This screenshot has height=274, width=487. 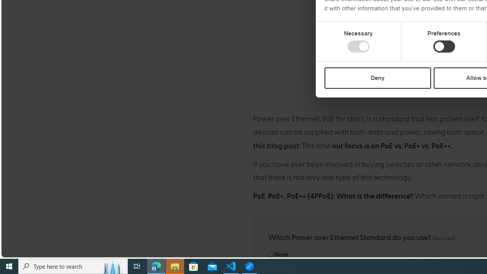 I want to click on 'None', so click(x=271, y=255).